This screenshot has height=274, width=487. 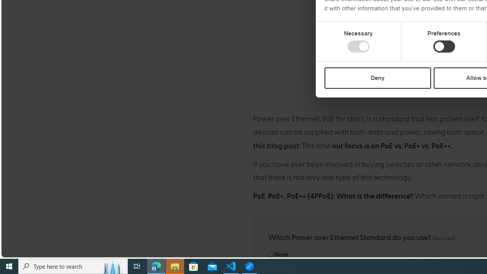 I want to click on 'None', so click(x=271, y=255).